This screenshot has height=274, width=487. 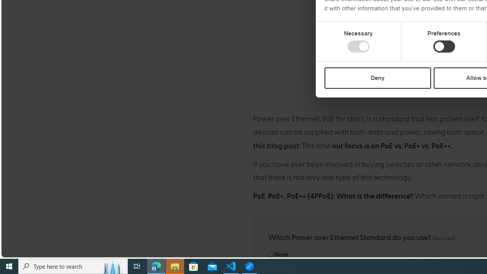 I want to click on 'None', so click(x=271, y=255).